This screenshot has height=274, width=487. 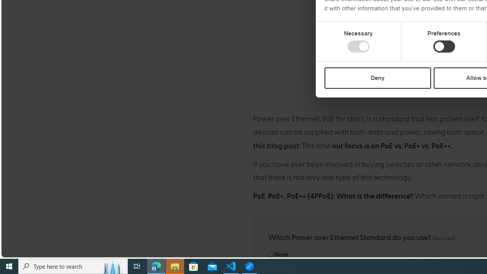 I want to click on 'None', so click(x=271, y=255).